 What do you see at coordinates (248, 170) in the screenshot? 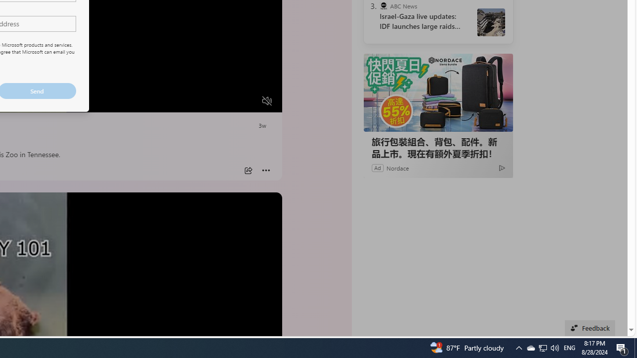
I see `'Share'` at bounding box center [248, 170].